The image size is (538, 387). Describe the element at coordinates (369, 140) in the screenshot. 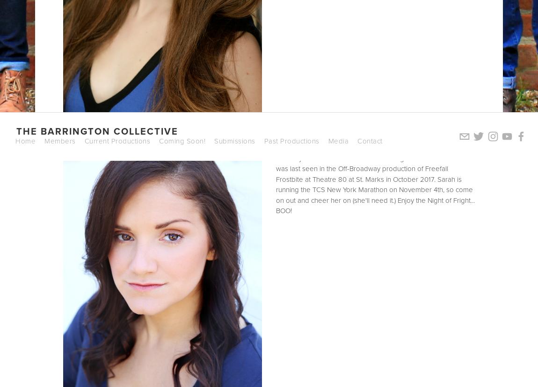

I see `'Contact'` at that location.